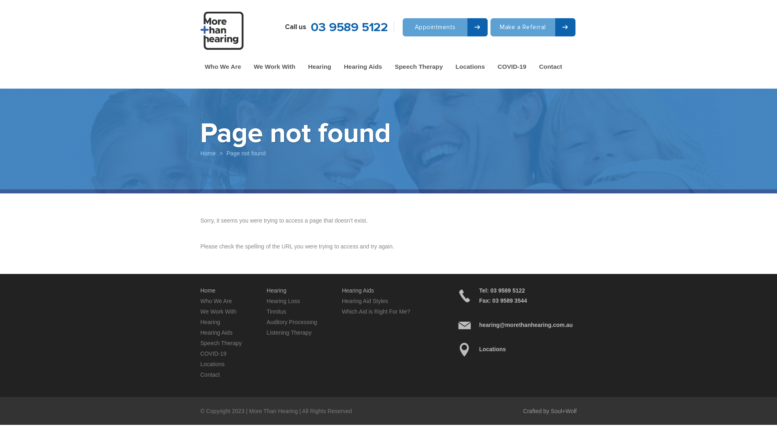 The image size is (777, 437). What do you see at coordinates (388, 66) in the screenshot?
I see `'Speech Therapy'` at bounding box center [388, 66].